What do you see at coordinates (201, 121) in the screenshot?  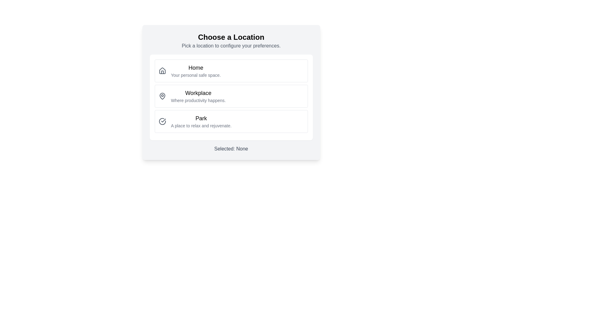 I see `the 'Park' text block, which is the third option in a vertical list below 'Home' and 'Workplace'` at bounding box center [201, 121].